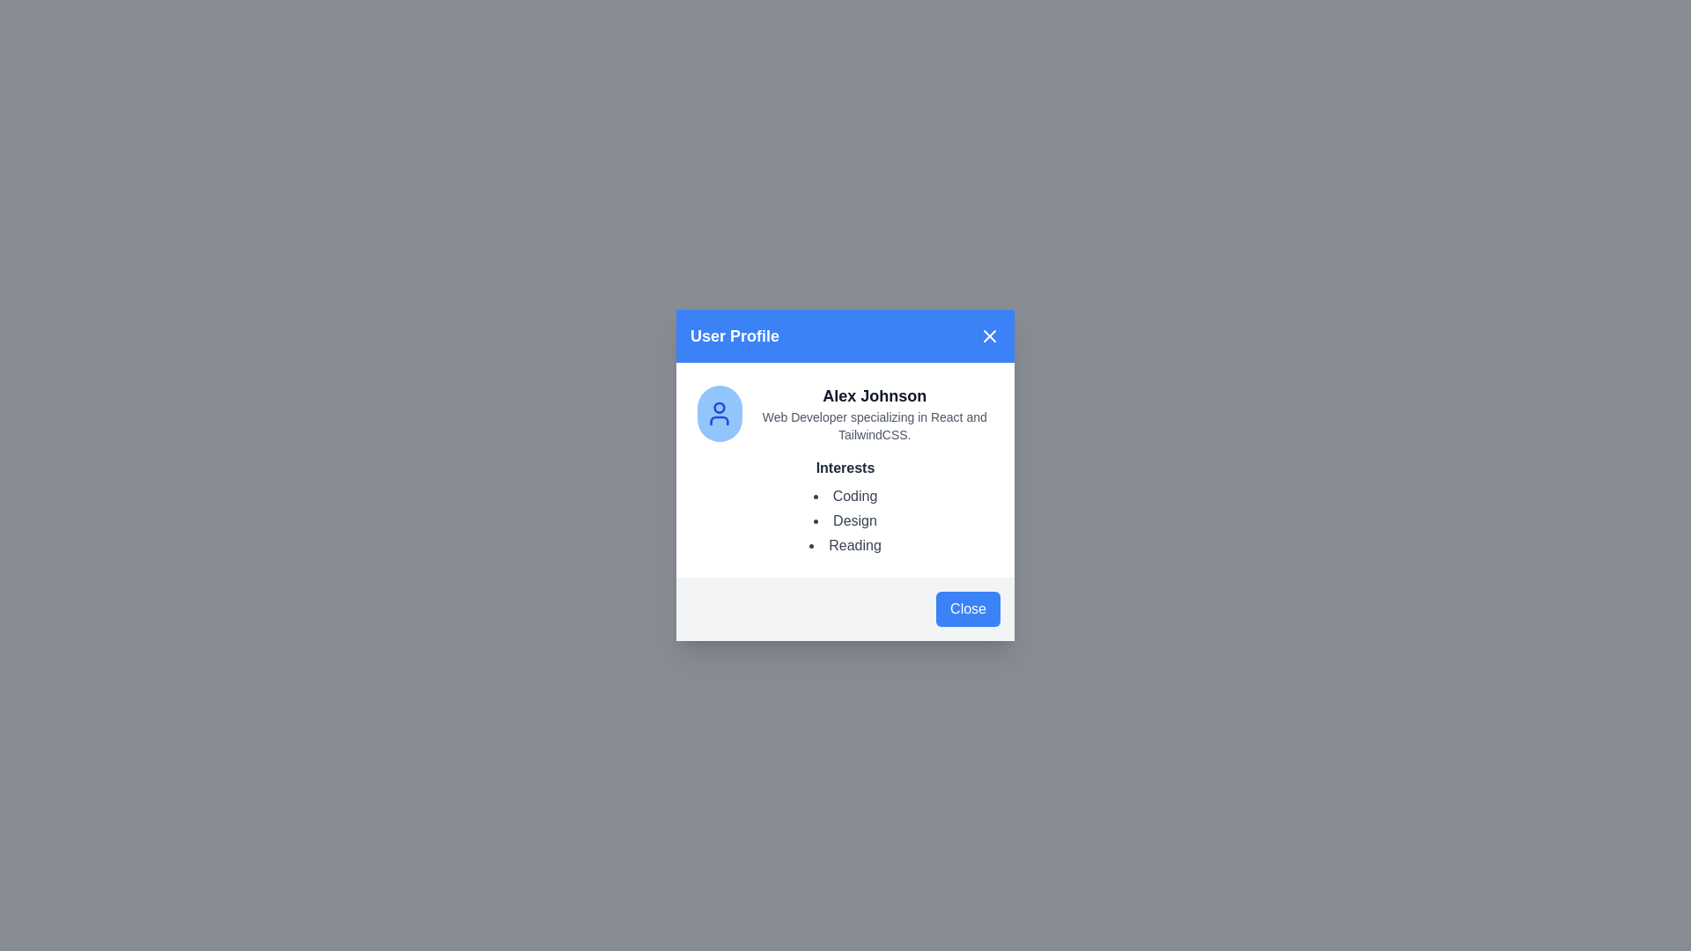 The height and width of the screenshot is (951, 1691). What do you see at coordinates (845, 520) in the screenshot?
I see `the Unordered List containing the items 'Coding', 'Design', and 'Reading' in the modal window titled 'User Profile', positioned under the heading 'Interests'` at bounding box center [845, 520].